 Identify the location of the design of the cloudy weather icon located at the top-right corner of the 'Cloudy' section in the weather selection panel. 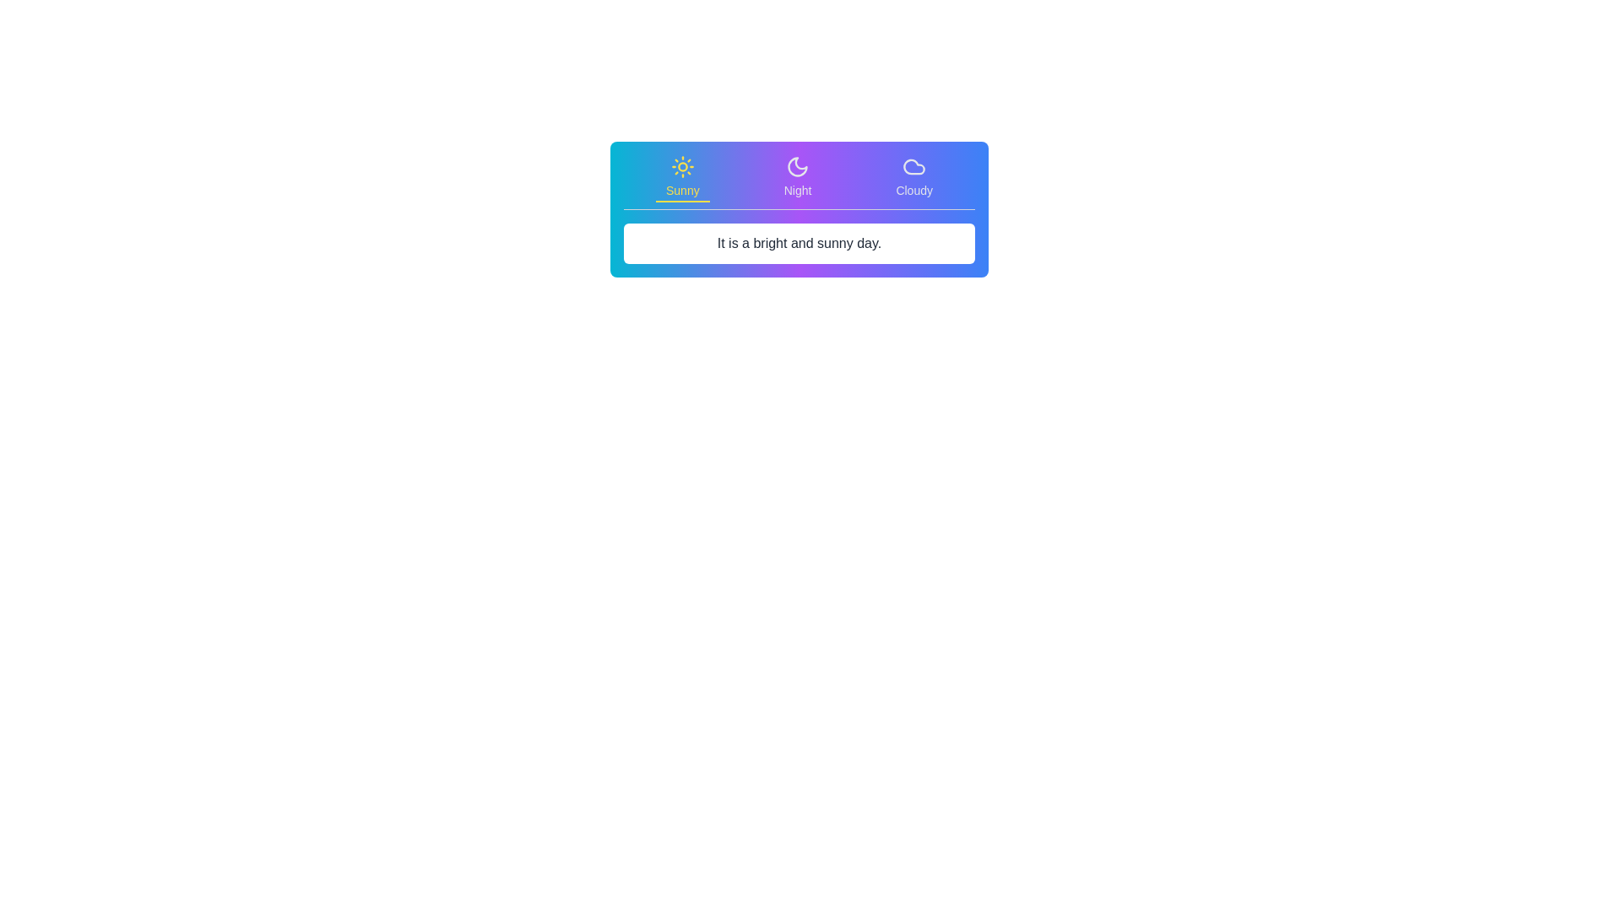
(914, 166).